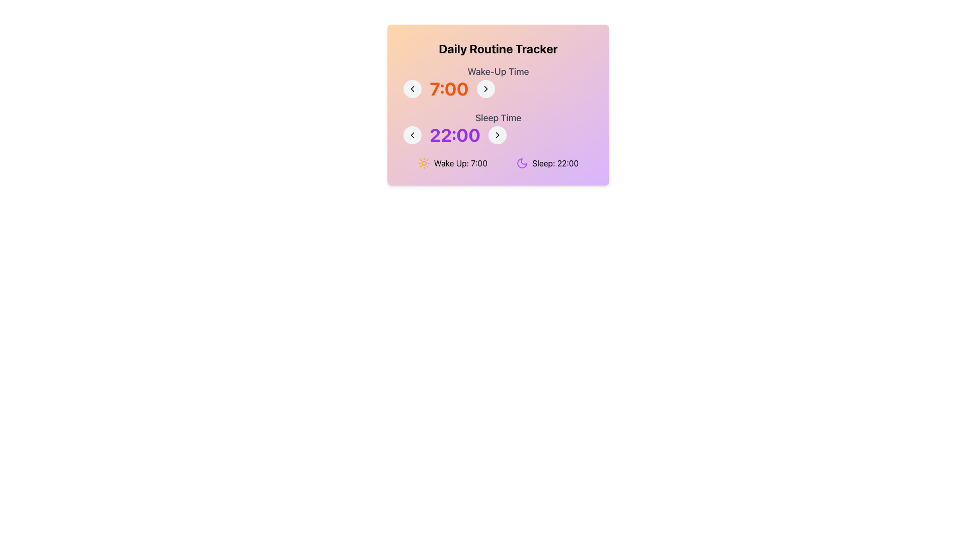 The width and height of the screenshot is (966, 543). Describe the element at coordinates (498, 48) in the screenshot. I see `the header text element, which serves as the title for the interface and is centrally positioned above the 'Wake-Up Time' and 'Sleep Time' sections` at that location.